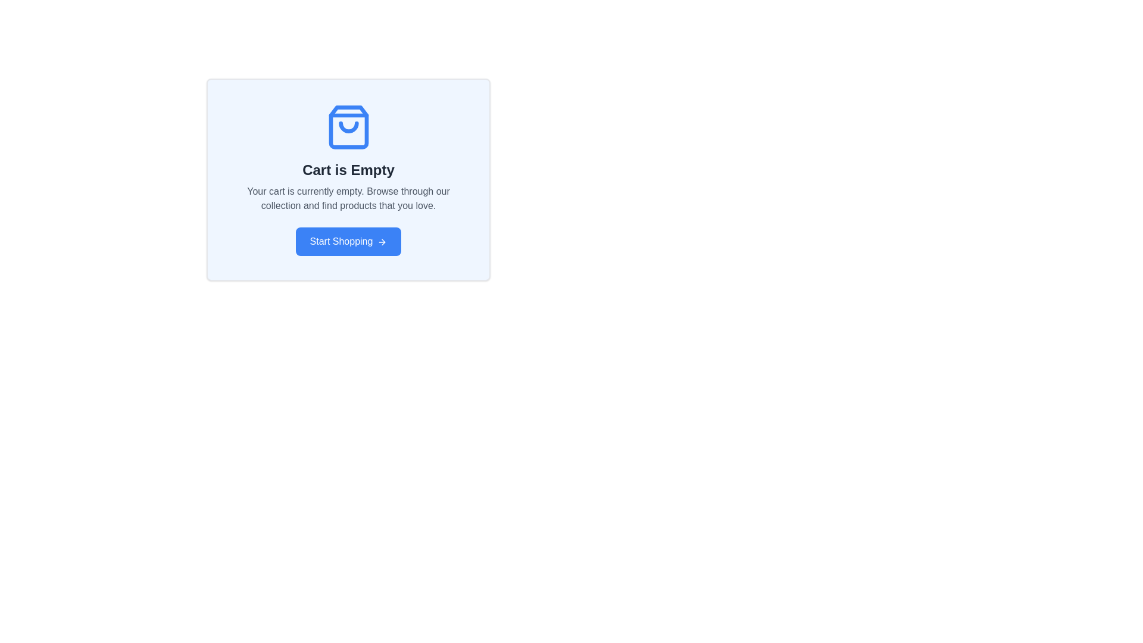 The width and height of the screenshot is (1143, 643). What do you see at coordinates (348, 170) in the screenshot?
I see `the 'Cart is Empty' text element, which is styled in a large, bold font and is positioned centrally in the interface` at bounding box center [348, 170].